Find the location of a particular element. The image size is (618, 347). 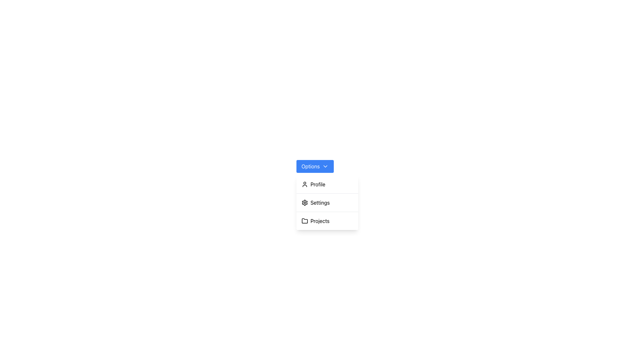

the settings icon positioned to the left of the text label in the interactive menu is located at coordinates (304, 203).